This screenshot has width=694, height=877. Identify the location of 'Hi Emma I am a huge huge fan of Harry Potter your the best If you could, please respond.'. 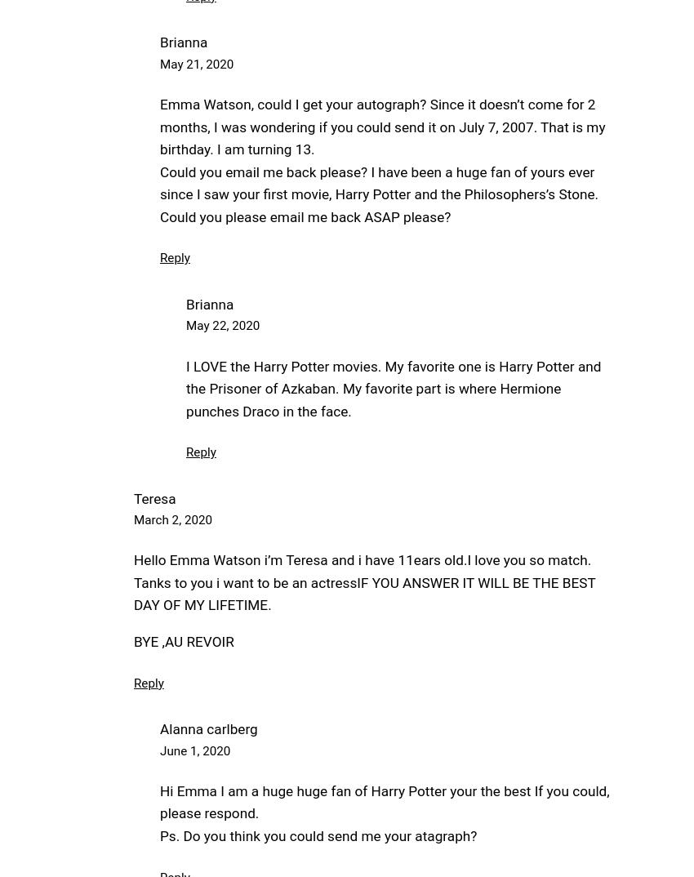
(384, 800).